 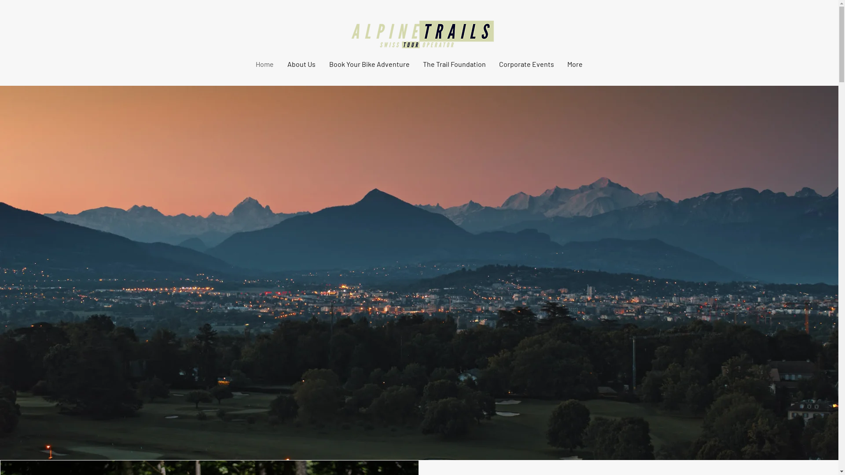 I want to click on 'Home', so click(x=264, y=64).